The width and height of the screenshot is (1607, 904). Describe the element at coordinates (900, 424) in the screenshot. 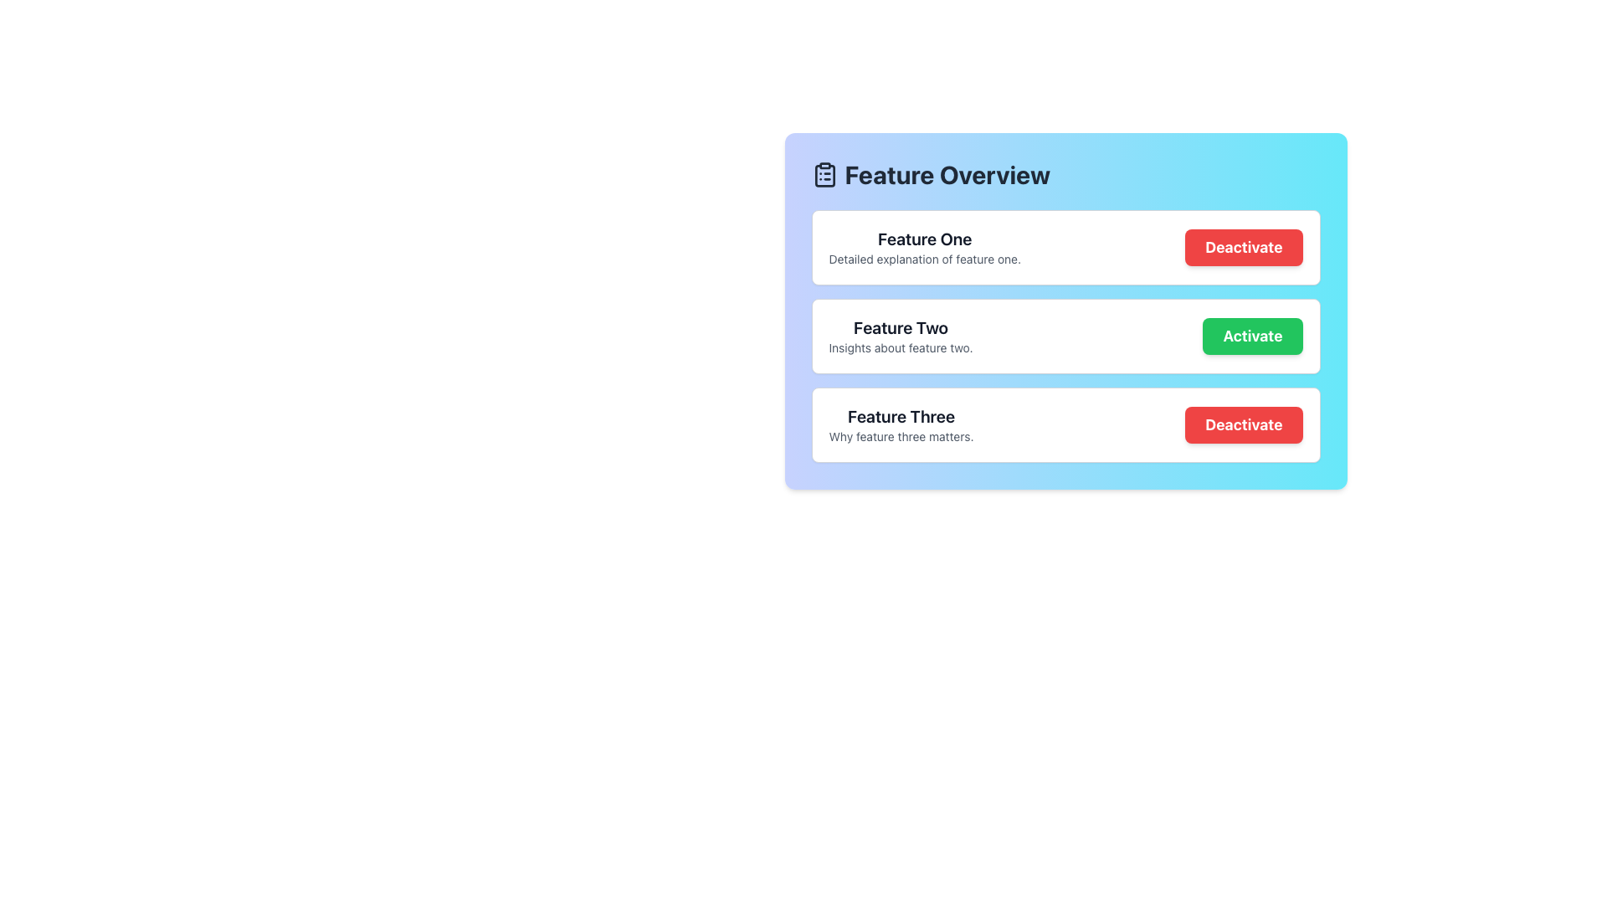

I see `text content from the text display component located at the top-left corner of the third card in the 'Feature Overview' section` at that location.